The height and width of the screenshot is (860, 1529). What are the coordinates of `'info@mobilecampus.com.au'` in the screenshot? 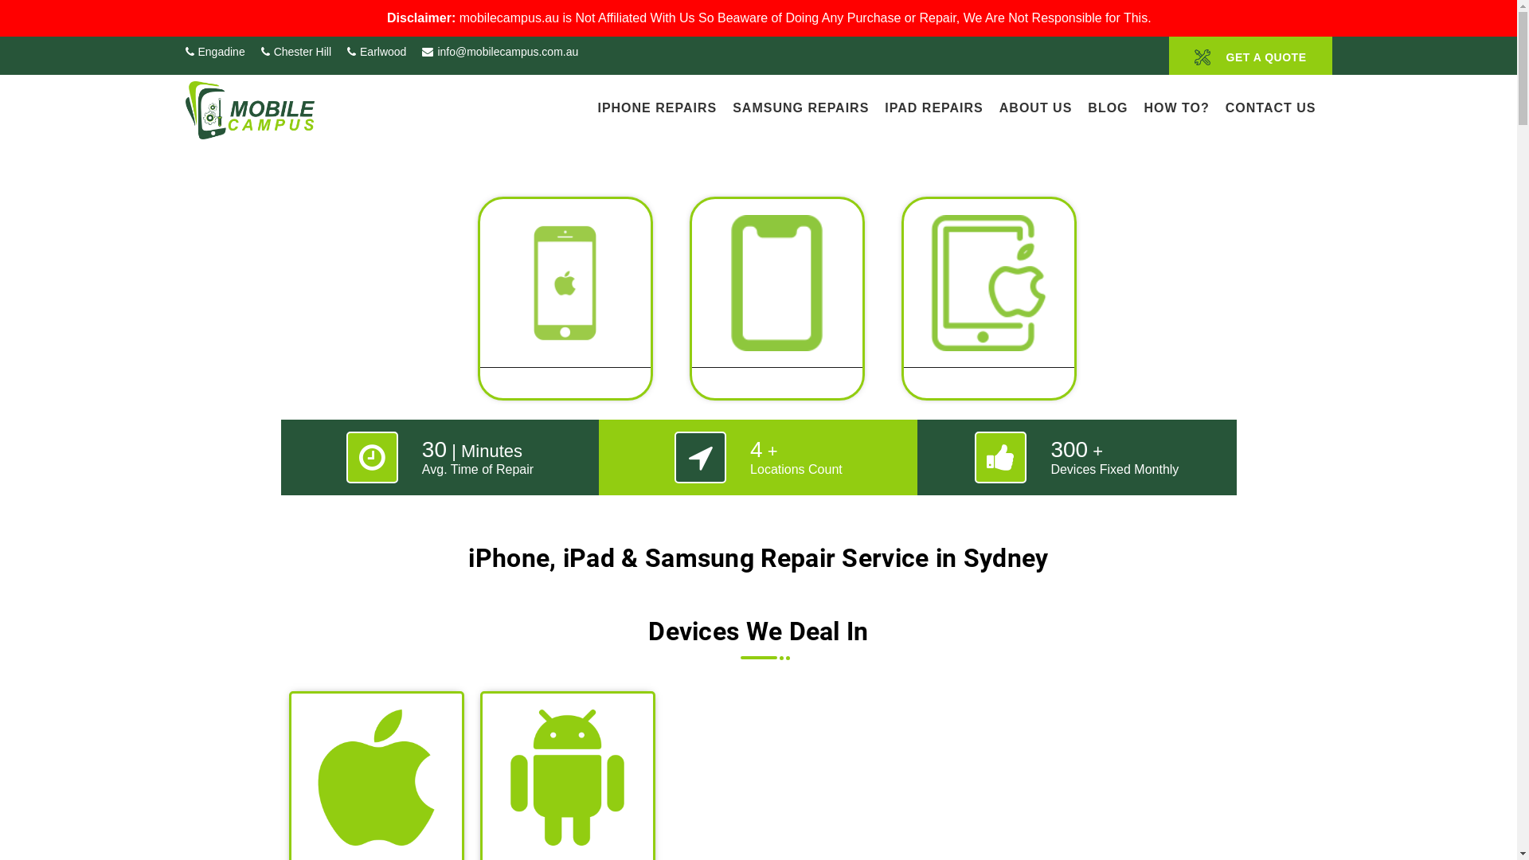 It's located at (499, 51).